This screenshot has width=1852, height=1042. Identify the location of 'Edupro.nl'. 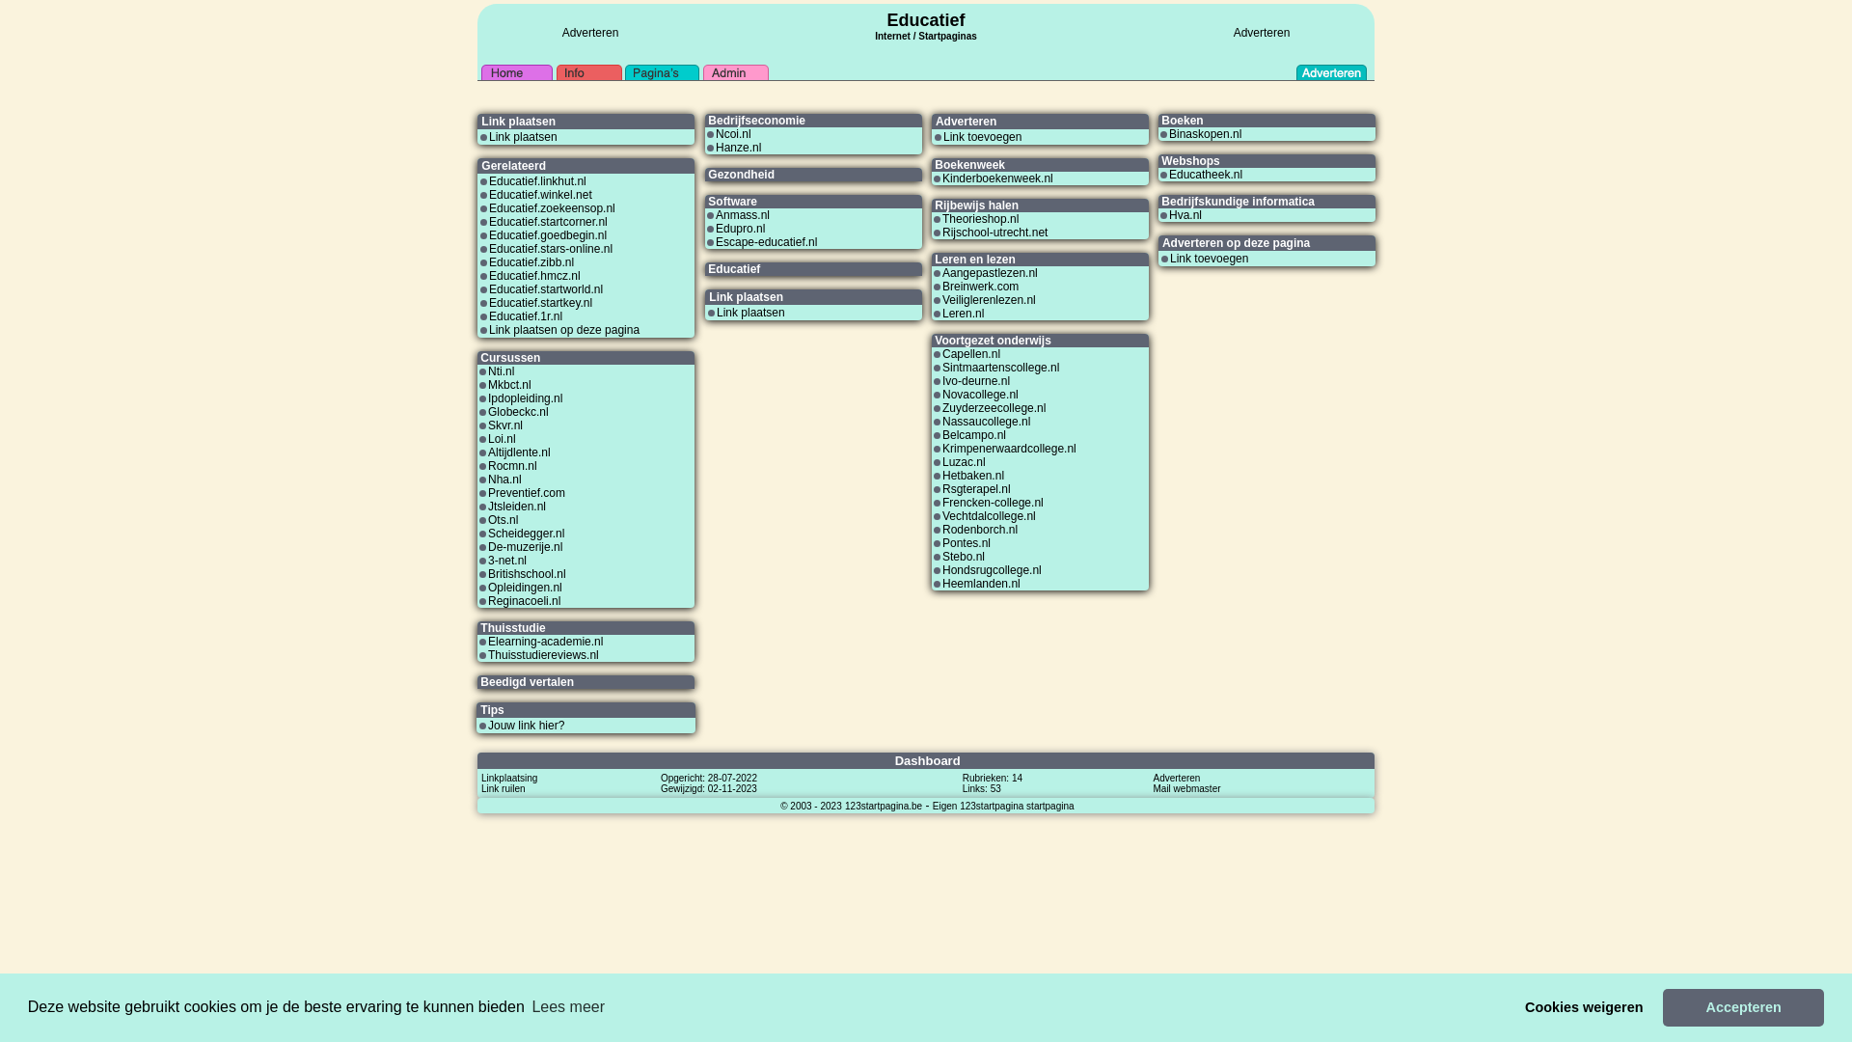
(739, 227).